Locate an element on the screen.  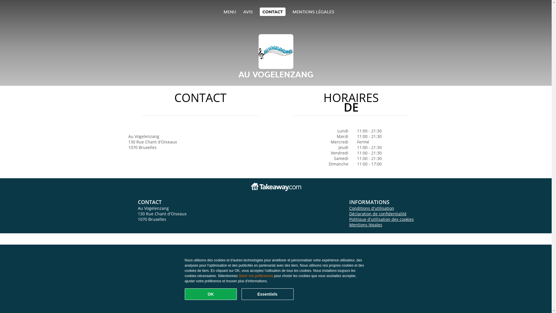
'AVIS' is located at coordinates (248, 12).